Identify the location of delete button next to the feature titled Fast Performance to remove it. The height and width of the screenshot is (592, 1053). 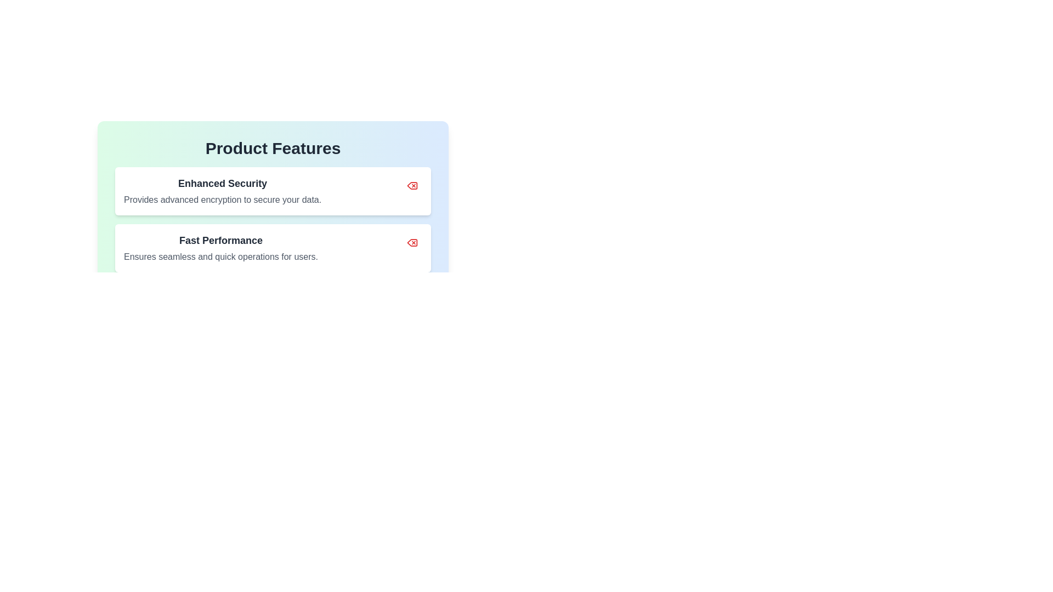
(412, 242).